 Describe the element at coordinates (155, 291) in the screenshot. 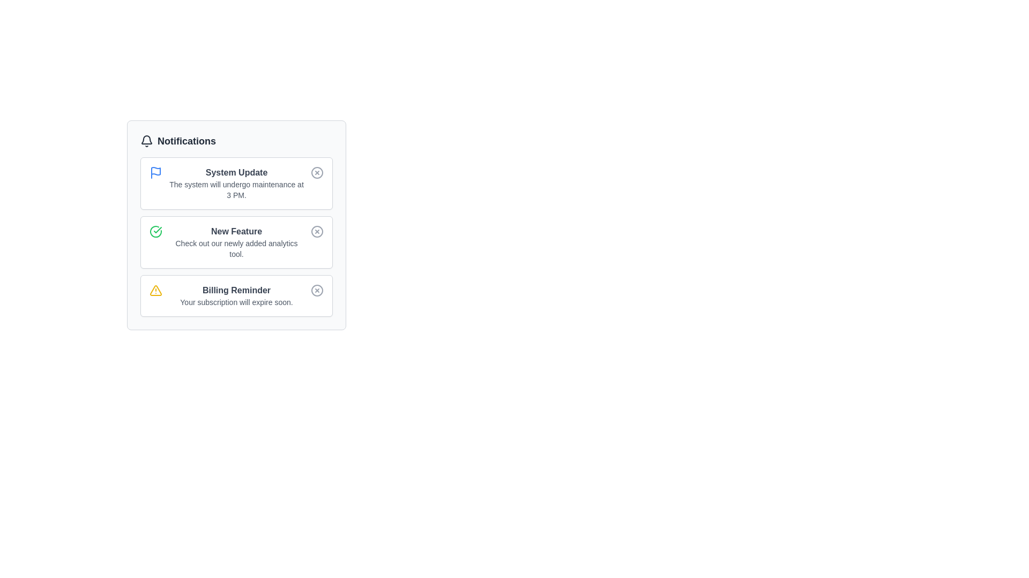

I see `the triangular yellow warning icon with an exclamation mark, which is located to the far left of the 'Billing Reminder' notification box` at that location.